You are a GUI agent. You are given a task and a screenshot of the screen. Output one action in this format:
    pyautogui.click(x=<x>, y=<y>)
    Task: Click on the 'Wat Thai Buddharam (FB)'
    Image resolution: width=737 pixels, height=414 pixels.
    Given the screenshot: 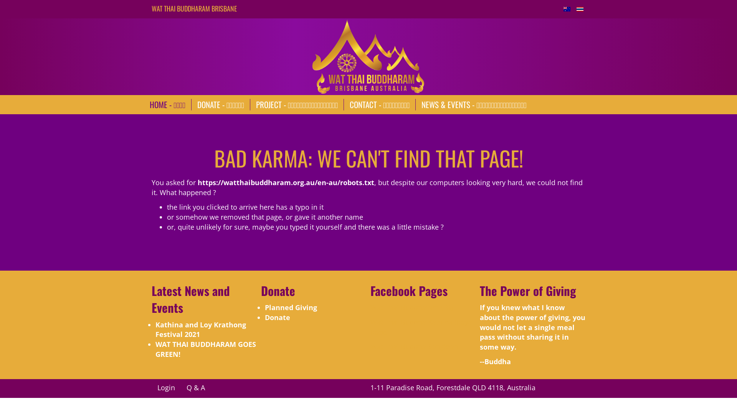 What is the action you would take?
    pyautogui.click(x=370, y=307)
    